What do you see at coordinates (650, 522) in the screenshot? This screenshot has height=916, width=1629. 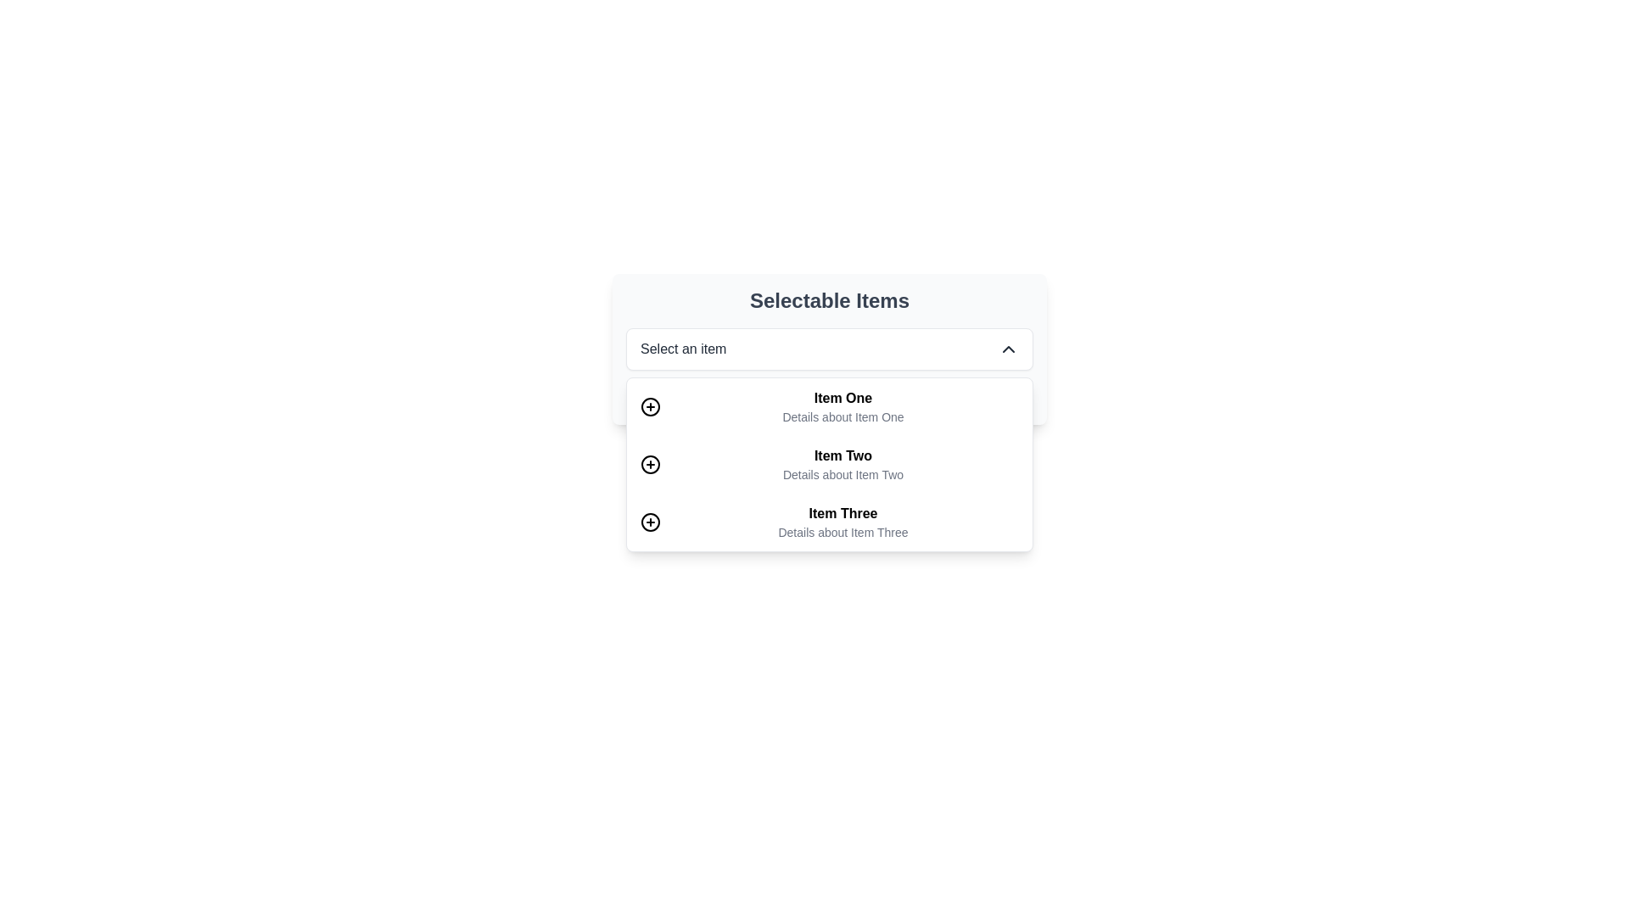 I see `the circular icon with a hollow center located beside 'Item Three' in the list under 'Selectable Items'` at bounding box center [650, 522].